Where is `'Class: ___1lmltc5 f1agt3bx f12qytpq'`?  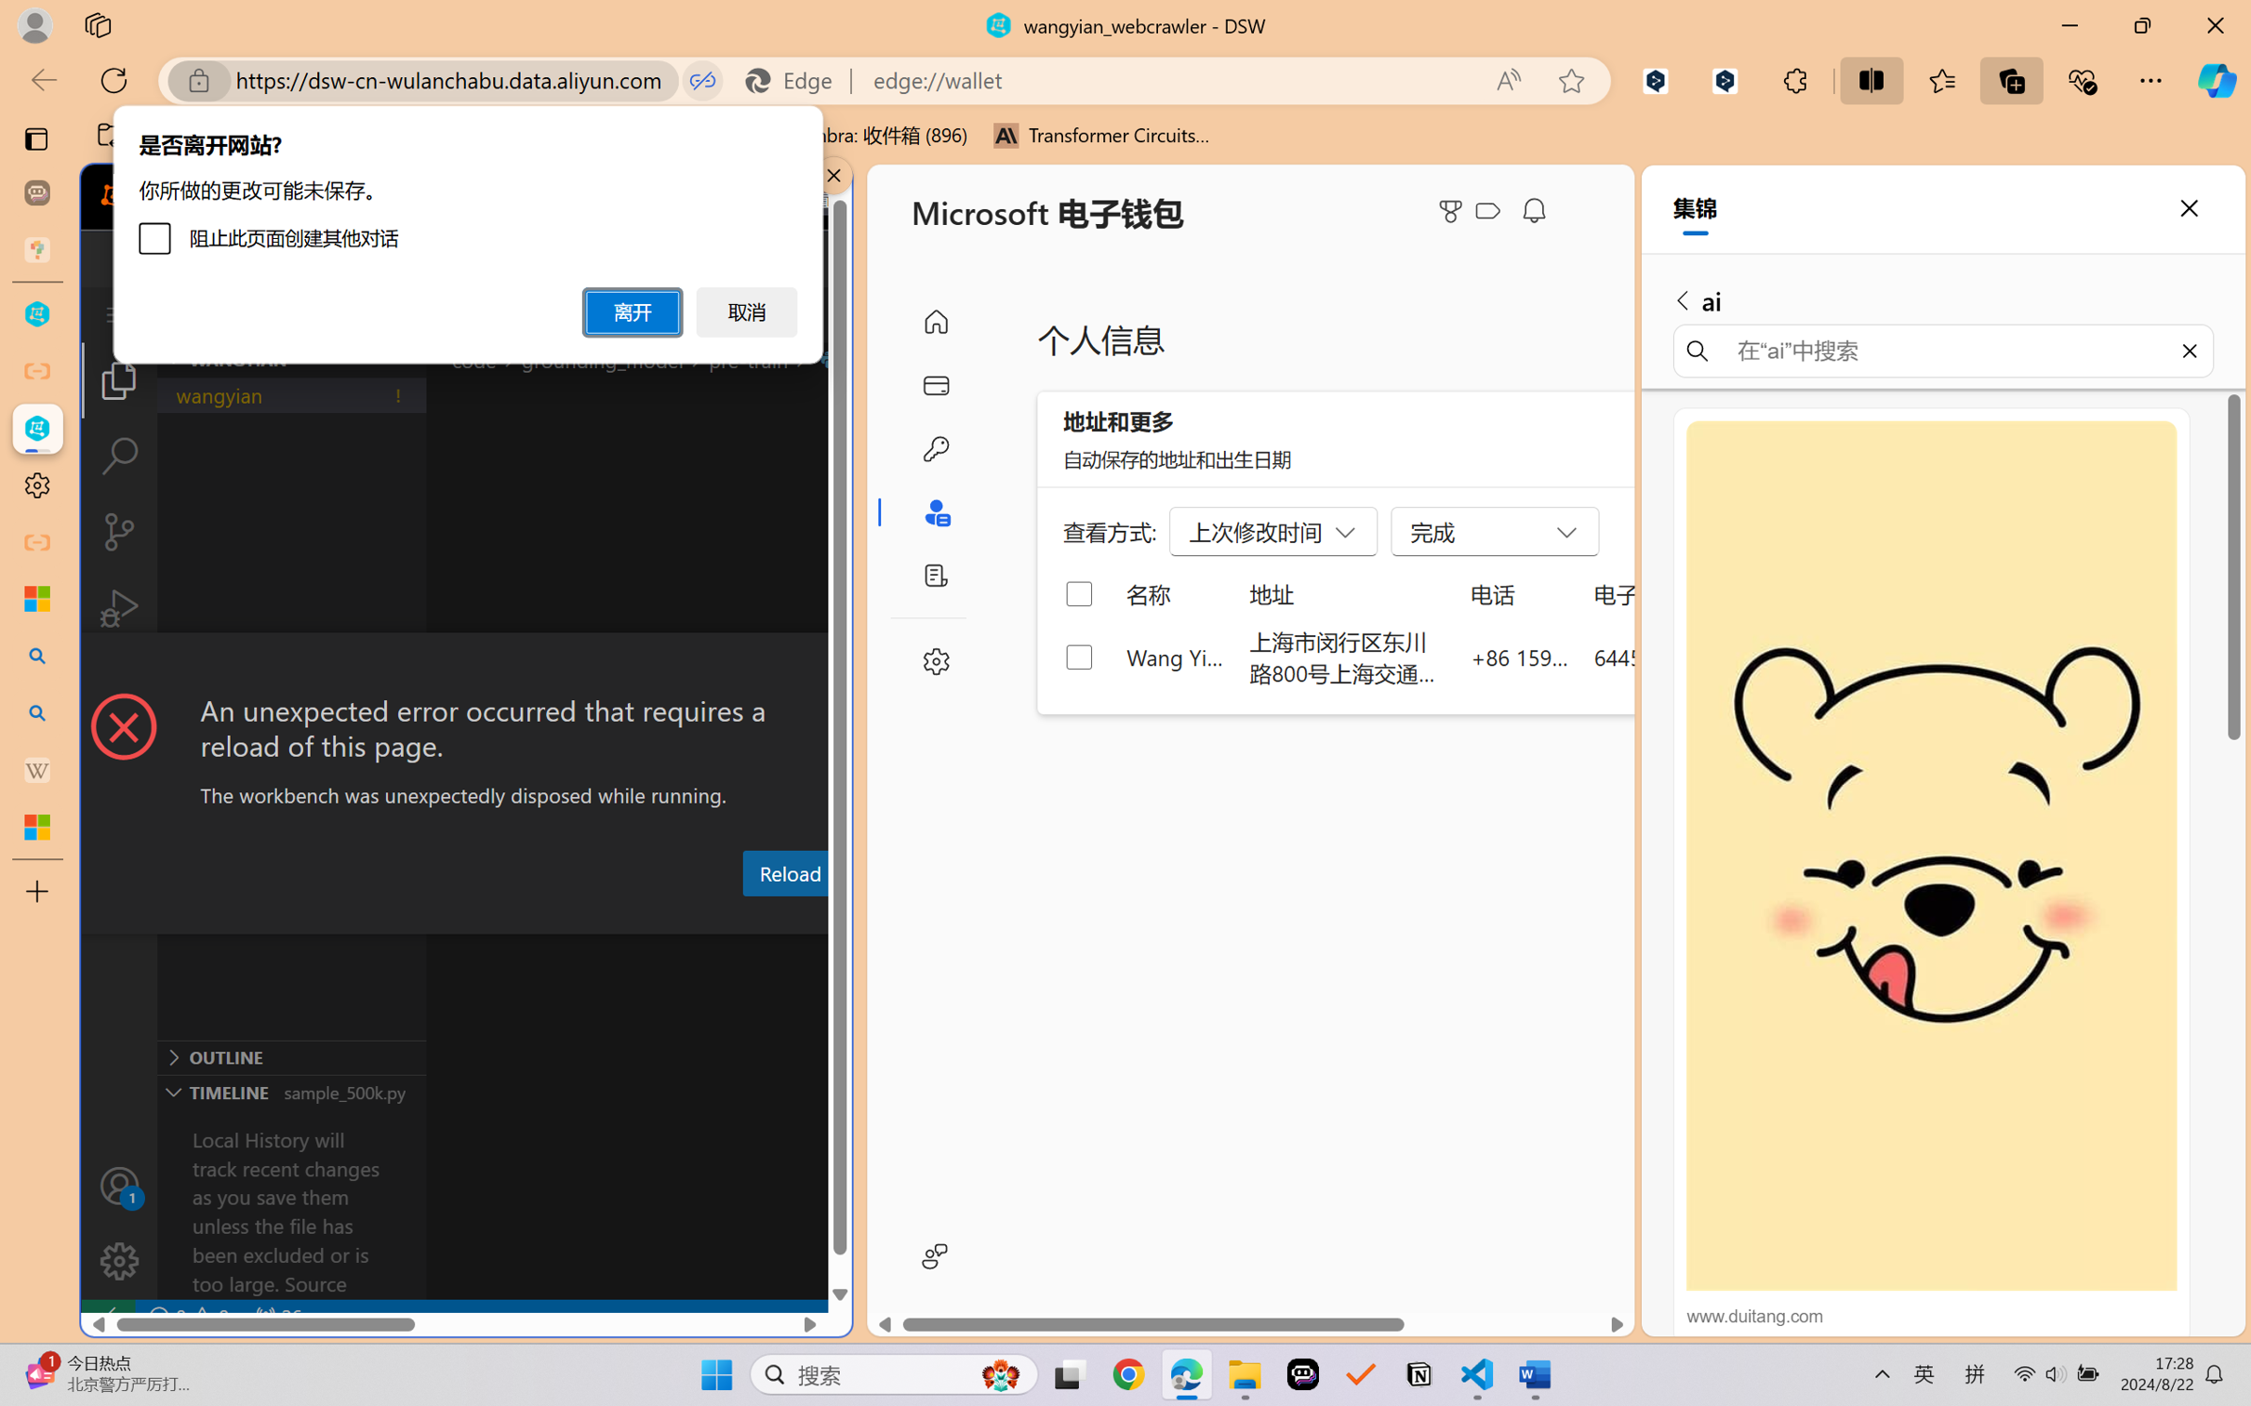
'Class: ___1lmltc5 f1agt3bx f12qytpq' is located at coordinates (1487, 211).